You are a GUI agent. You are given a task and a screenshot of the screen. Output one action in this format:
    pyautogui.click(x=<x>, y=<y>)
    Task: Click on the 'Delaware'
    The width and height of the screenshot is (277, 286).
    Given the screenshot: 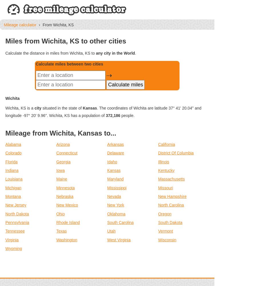 What is the action you would take?
    pyautogui.click(x=107, y=153)
    